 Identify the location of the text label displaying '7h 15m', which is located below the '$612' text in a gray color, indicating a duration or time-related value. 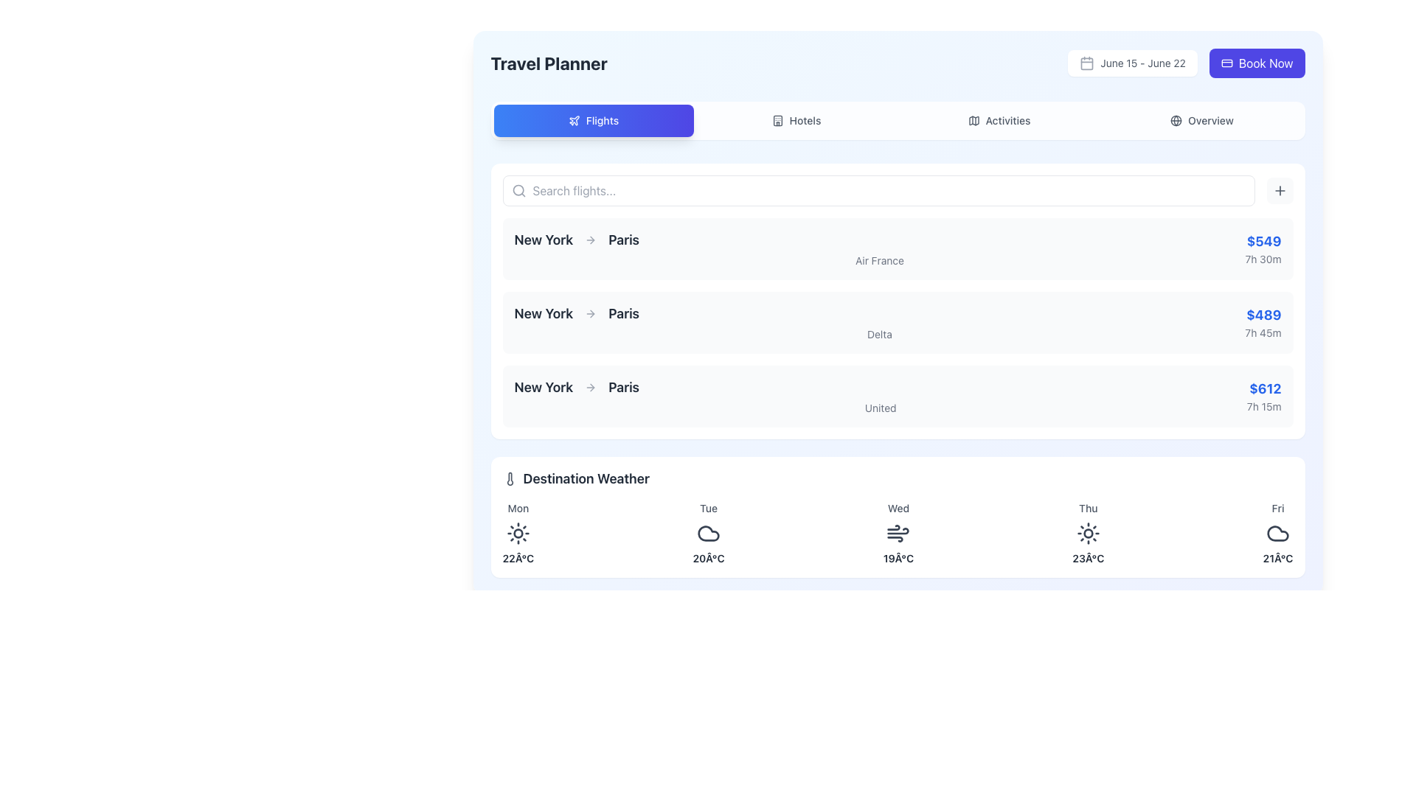
(1263, 406).